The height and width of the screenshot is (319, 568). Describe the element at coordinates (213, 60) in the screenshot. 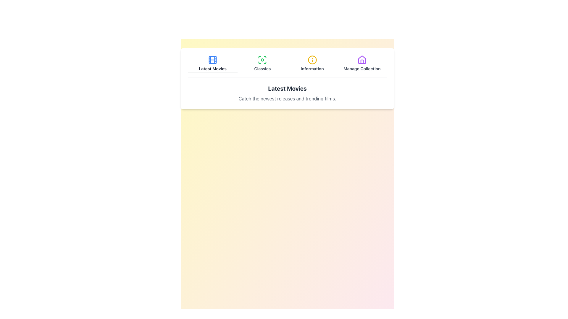

I see `the blue film reel icon` at that location.